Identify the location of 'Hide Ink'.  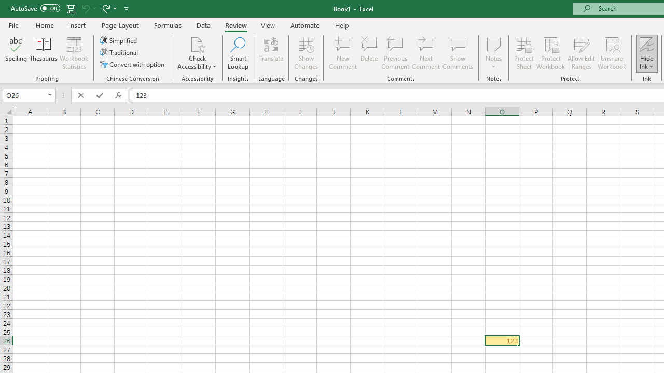
(646, 53).